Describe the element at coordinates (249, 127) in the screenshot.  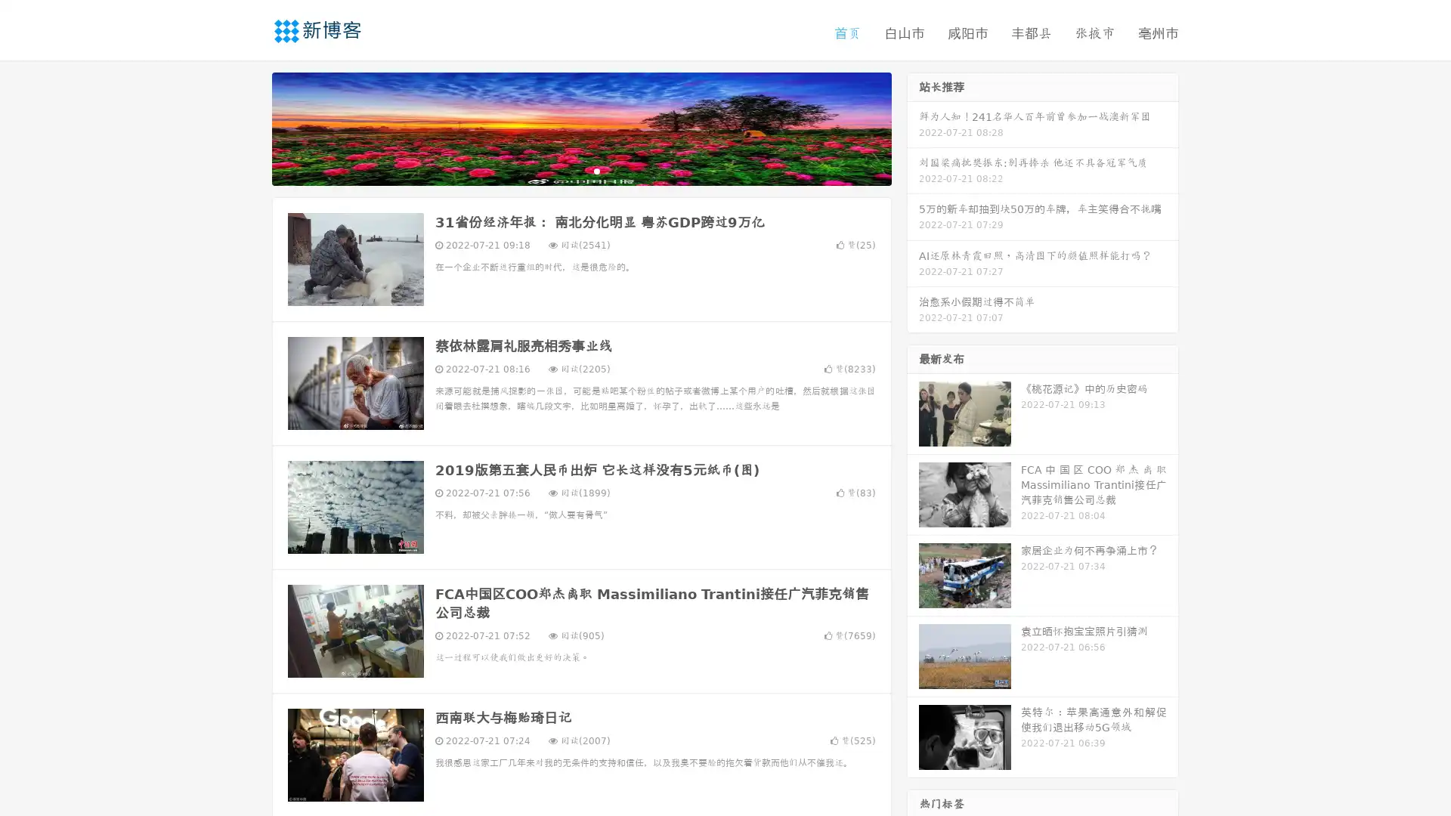
I see `Previous slide` at that location.